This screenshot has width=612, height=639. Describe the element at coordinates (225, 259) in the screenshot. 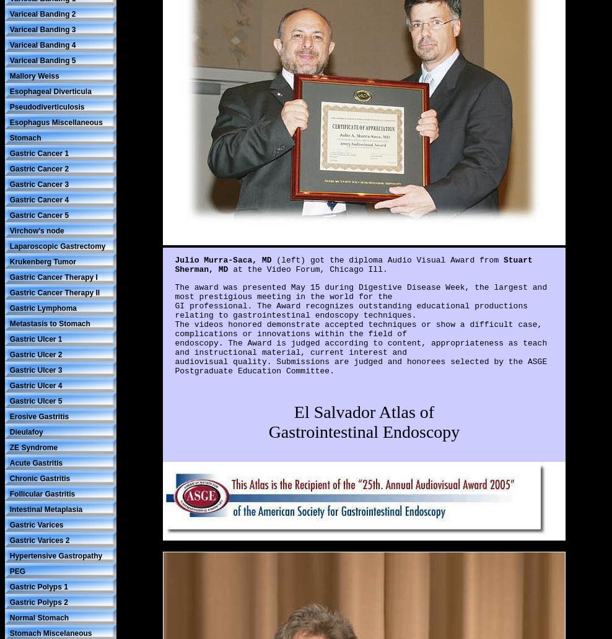

I see `'Julio Murra-Saca, MD'` at that location.